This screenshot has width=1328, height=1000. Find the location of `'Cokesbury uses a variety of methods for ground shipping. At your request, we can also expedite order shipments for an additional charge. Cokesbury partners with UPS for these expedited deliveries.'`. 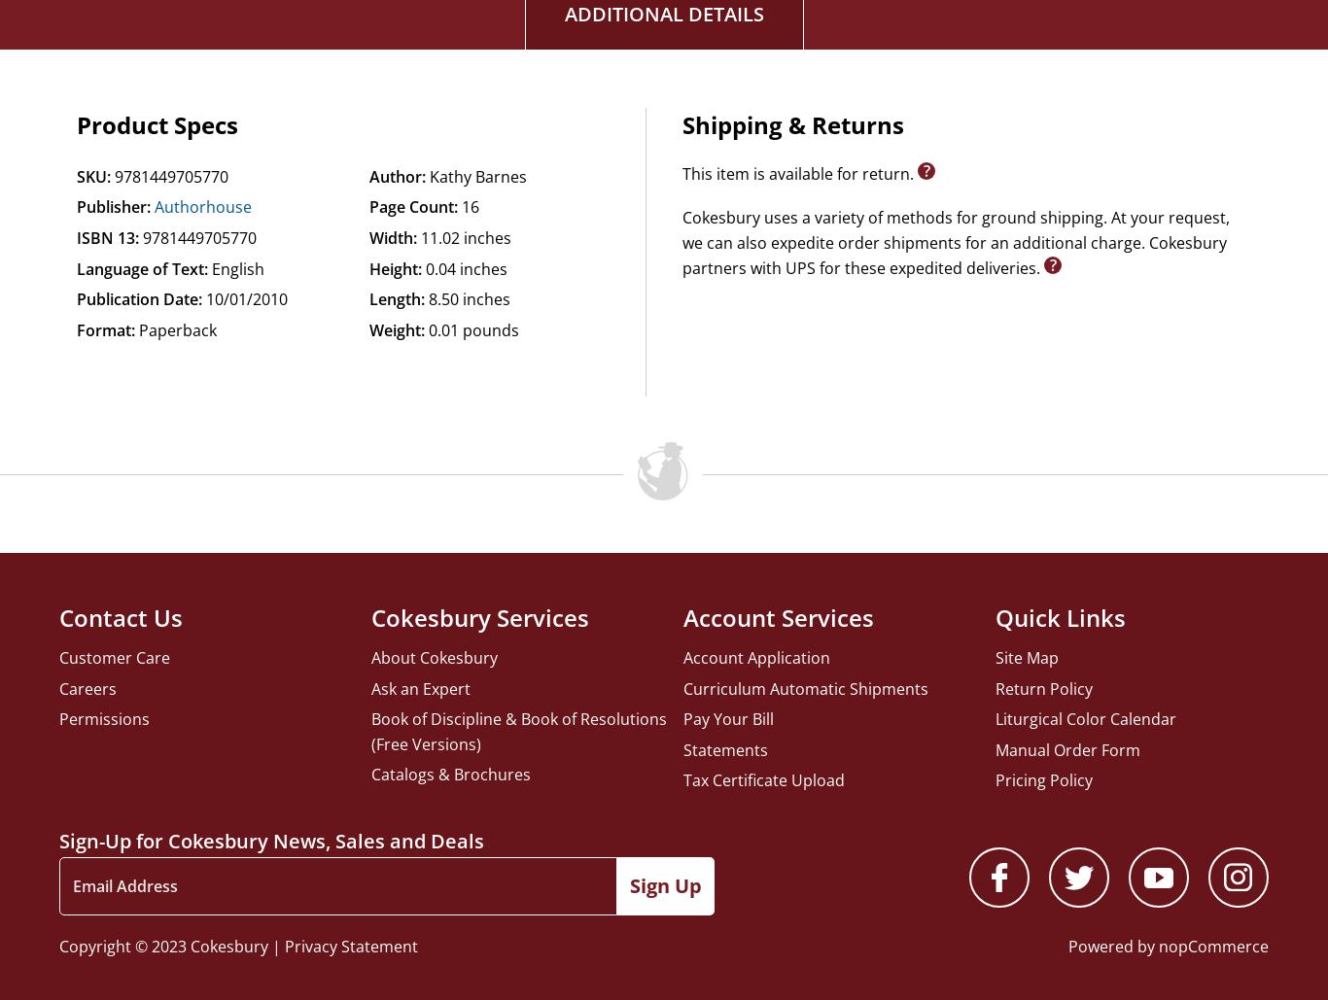

'Cokesbury uses a variety of methods for ground shipping. At your request, we can also expedite order shipments for an additional charge. Cokesbury partners with UPS for these expedited deliveries.' is located at coordinates (955, 241).